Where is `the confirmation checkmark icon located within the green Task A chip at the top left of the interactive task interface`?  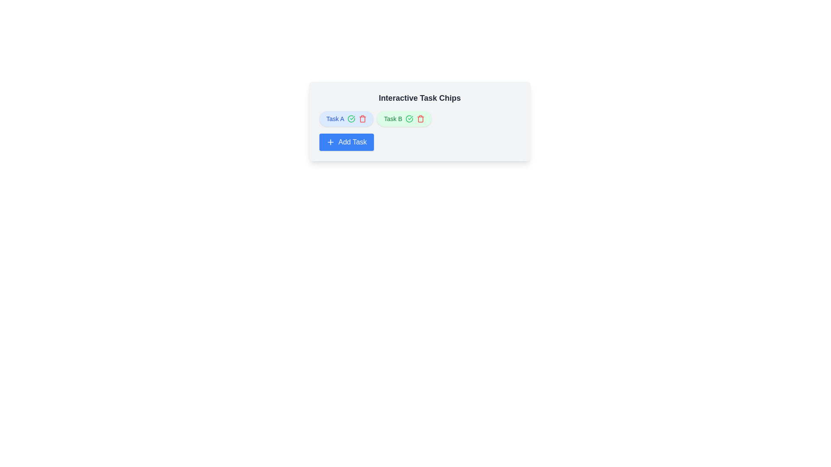 the confirmation checkmark icon located within the green Task A chip at the top left of the interactive task interface is located at coordinates (409, 118).